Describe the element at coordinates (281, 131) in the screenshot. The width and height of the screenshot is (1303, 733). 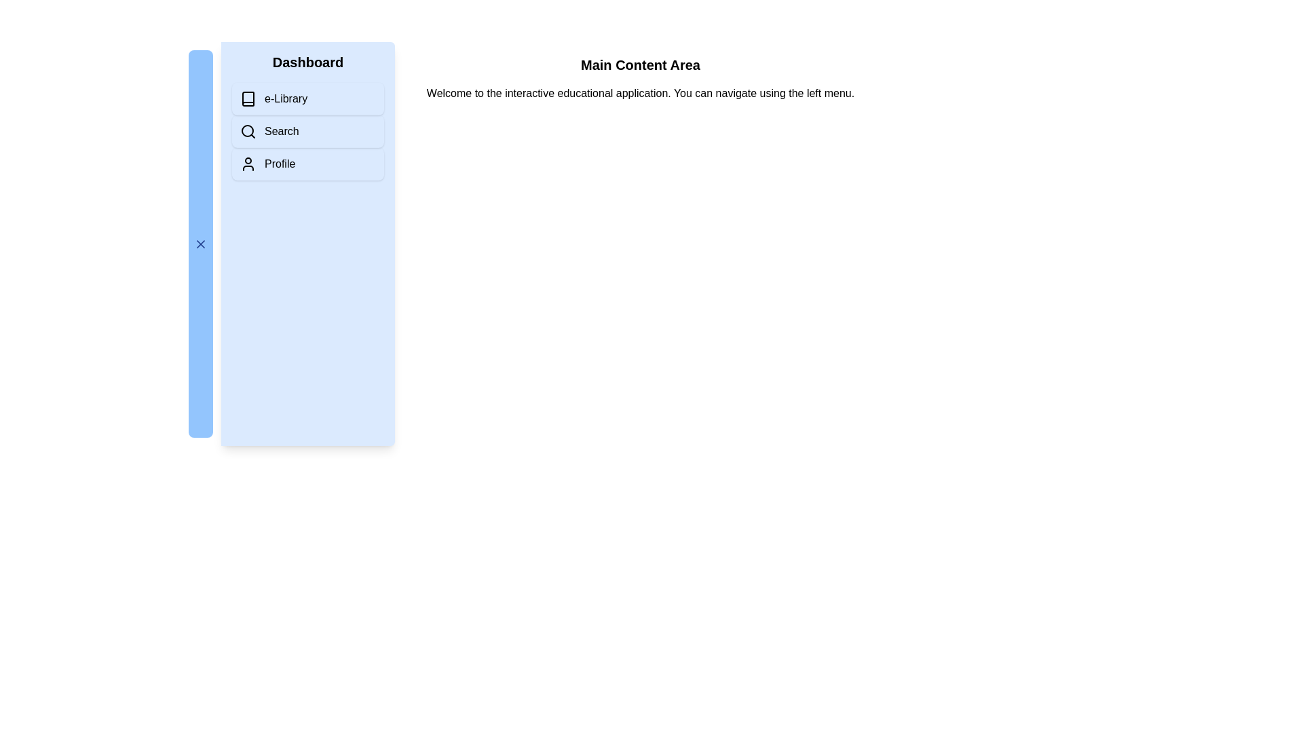
I see `text label that says 'Search', which is positioned between the 'e-Library' button and the 'Profile' button in the left sidebar` at that location.